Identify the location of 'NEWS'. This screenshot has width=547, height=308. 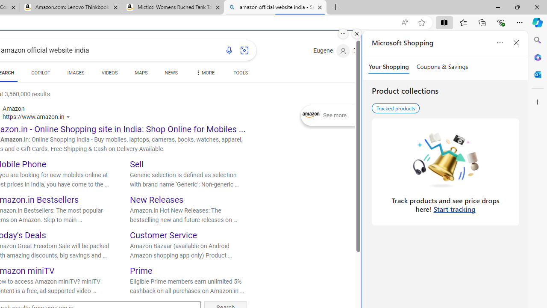
(171, 73).